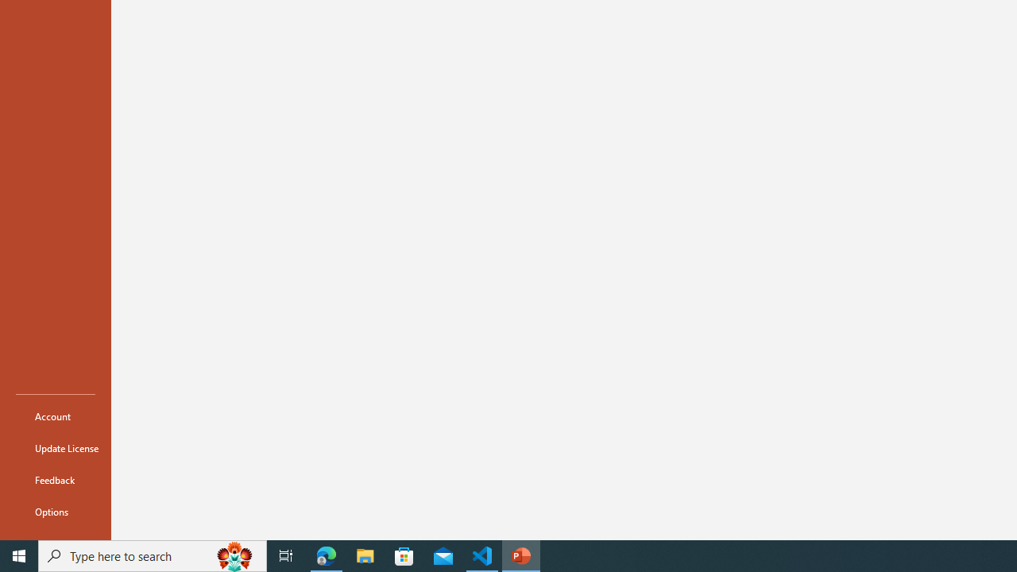  What do you see at coordinates (55, 512) in the screenshot?
I see `'Options'` at bounding box center [55, 512].